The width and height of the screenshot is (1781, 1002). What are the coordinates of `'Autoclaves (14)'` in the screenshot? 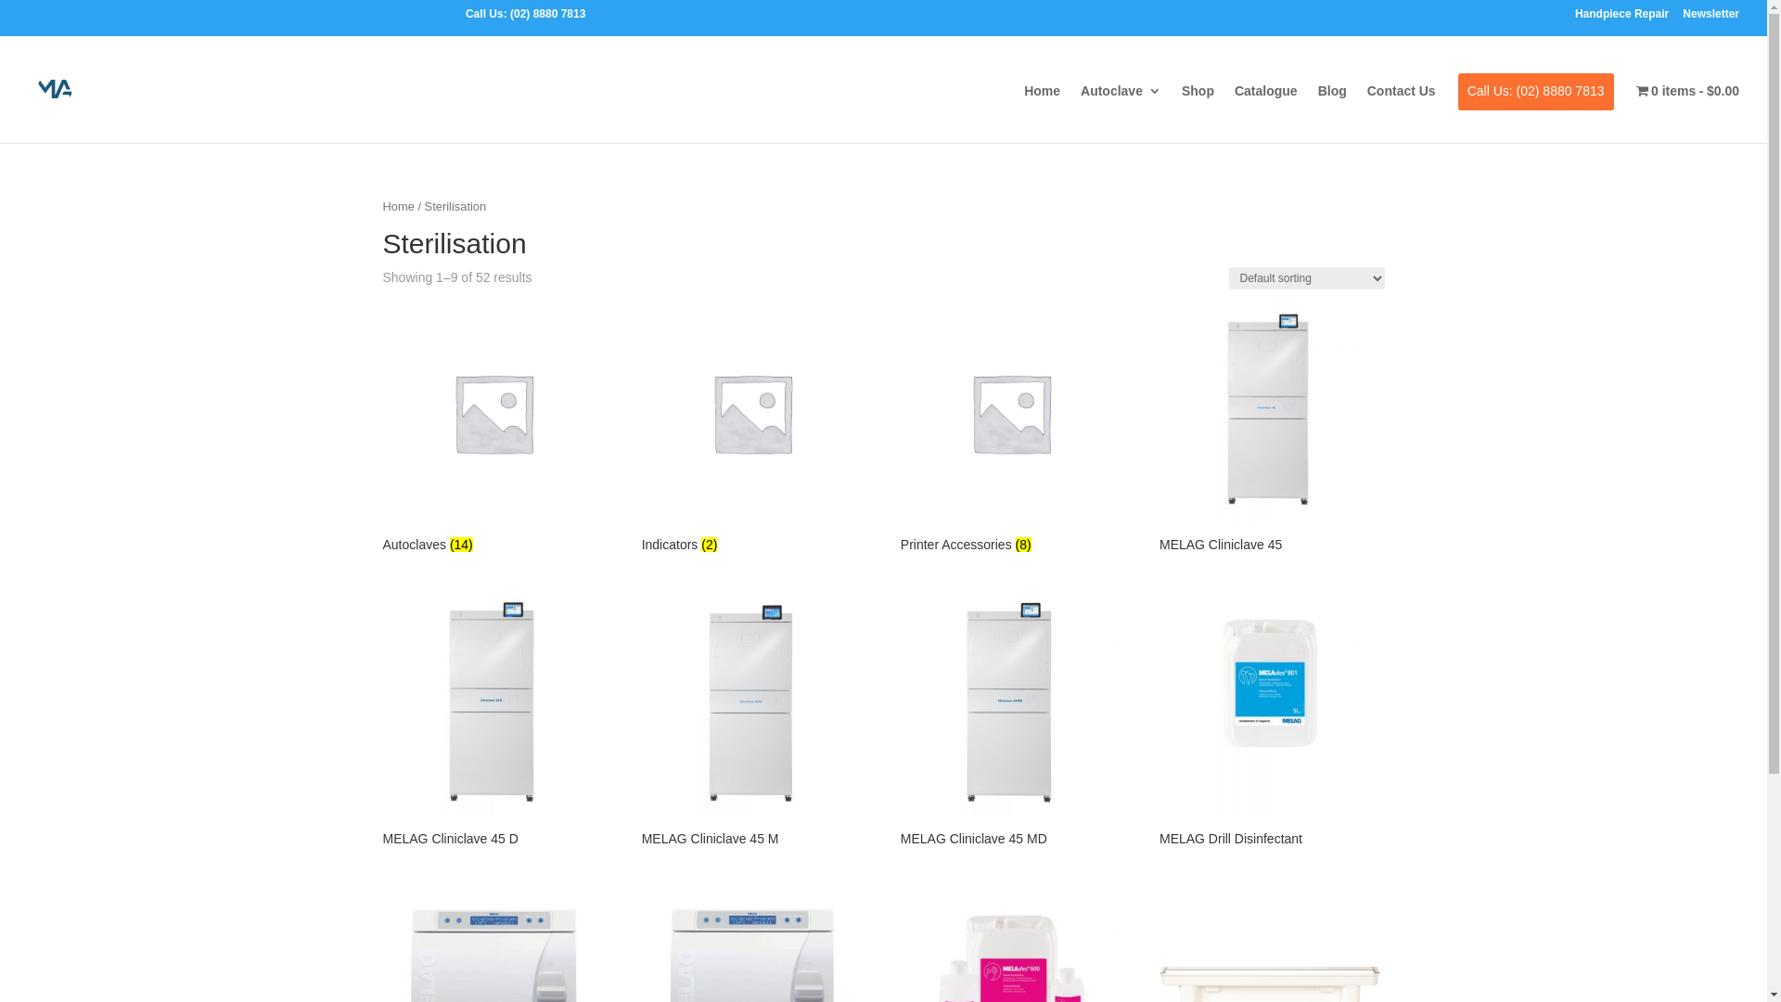 It's located at (493, 430).